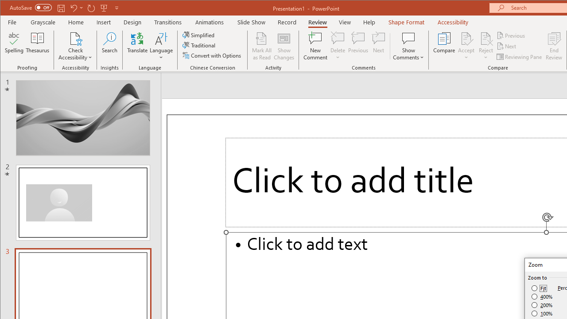 Image resolution: width=567 pixels, height=319 pixels. Describe the element at coordinates (261, 46) in the screenshot. I see `'Mark All as Read'` at that location.